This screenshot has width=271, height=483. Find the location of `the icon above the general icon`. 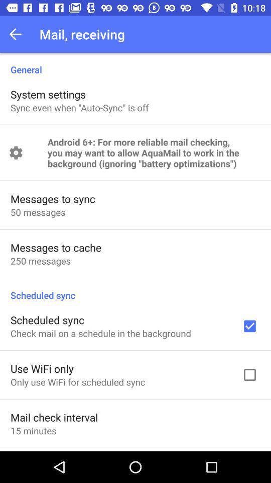

the icon above the general icon is located at coordinates (18, 34).